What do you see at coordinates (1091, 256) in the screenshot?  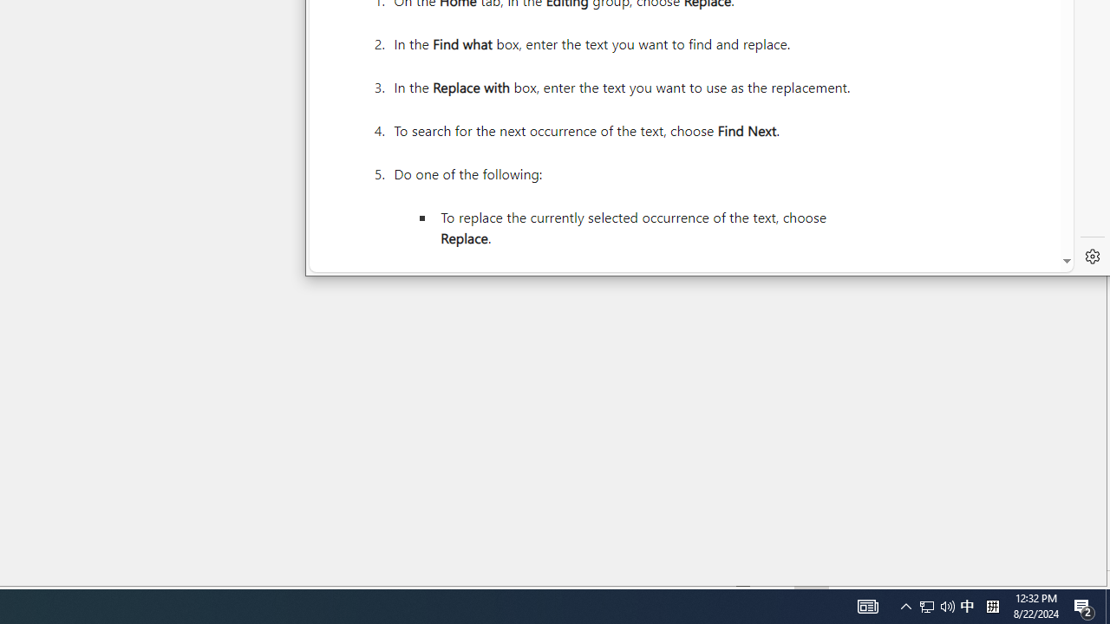 I see `'Settings'` at bounding box center [1091, 256].